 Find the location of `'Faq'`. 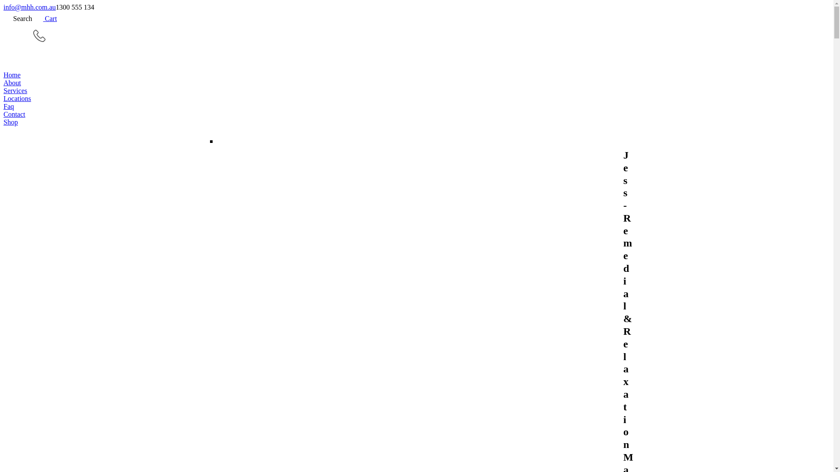

'Faq' is located at coordinates (3, 106).